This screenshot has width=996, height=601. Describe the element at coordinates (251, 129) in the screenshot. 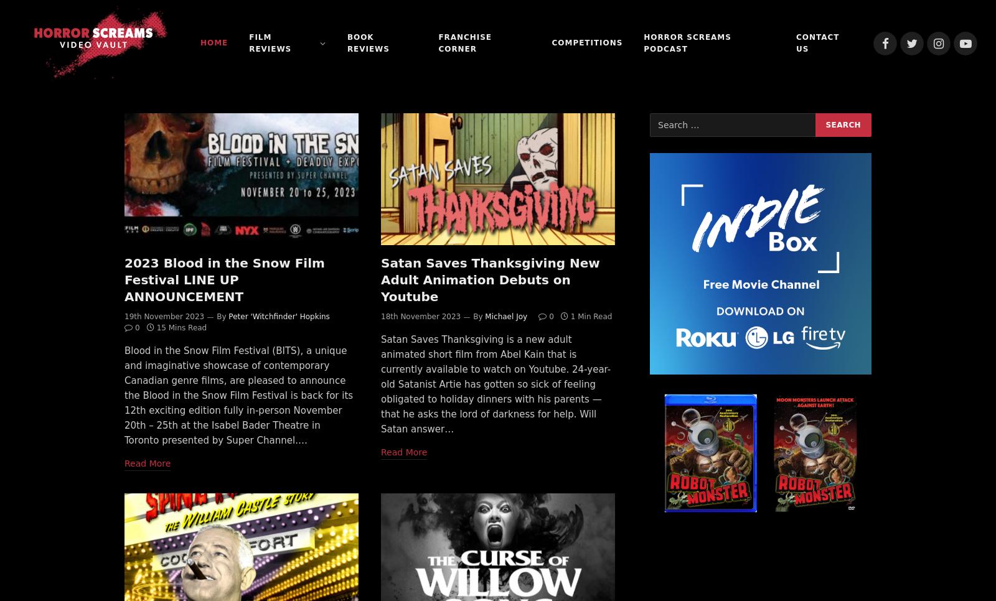

I see `'A – C'` at that location.